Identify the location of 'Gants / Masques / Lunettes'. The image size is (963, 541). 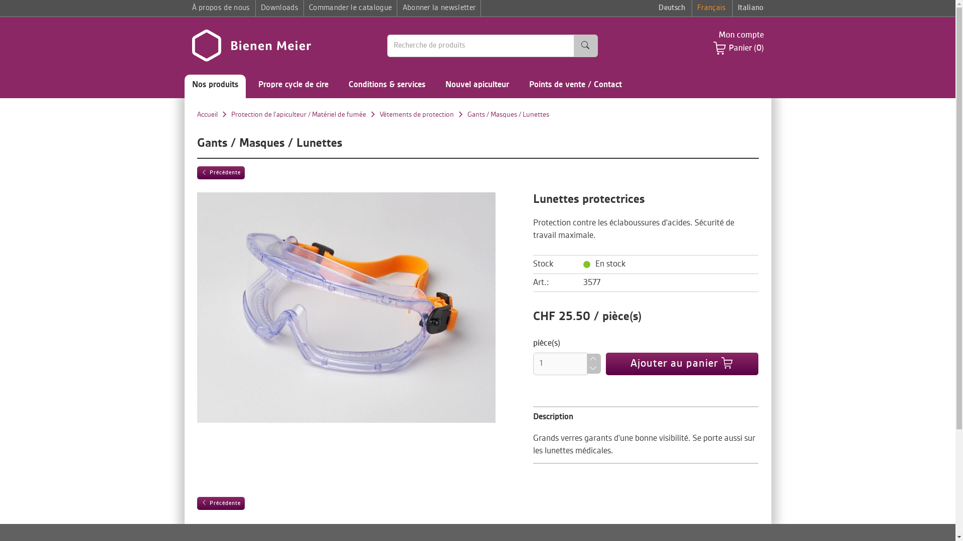
(508, 114).